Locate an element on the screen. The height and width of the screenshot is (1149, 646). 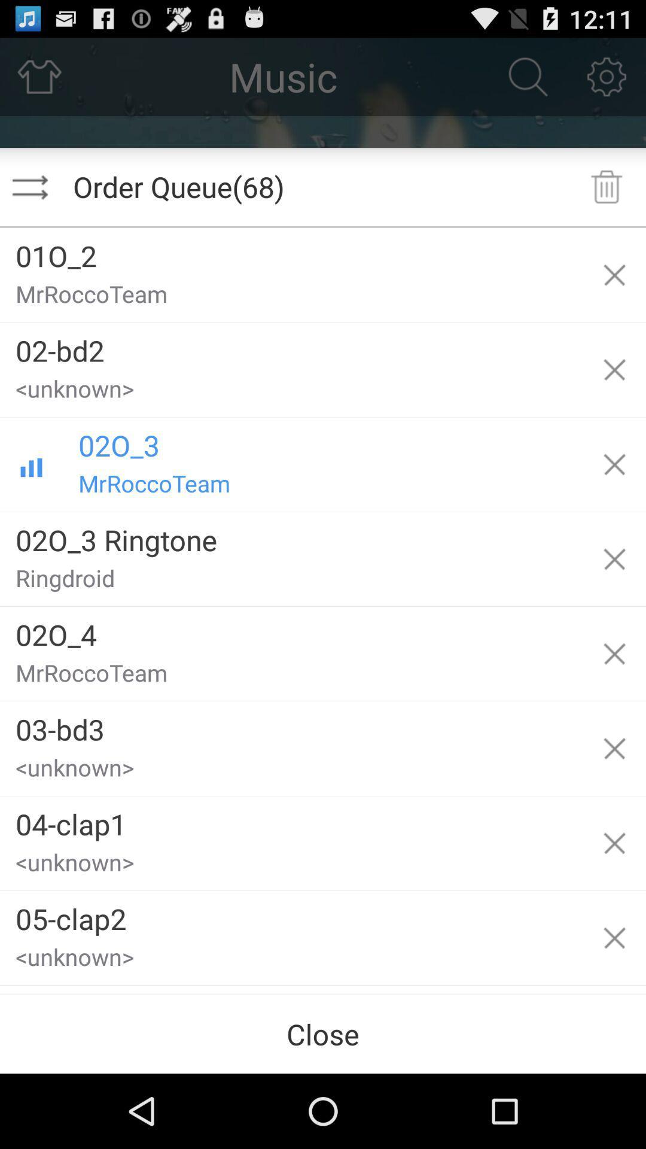
03-bd3 app is located at coordinates (291, 724).